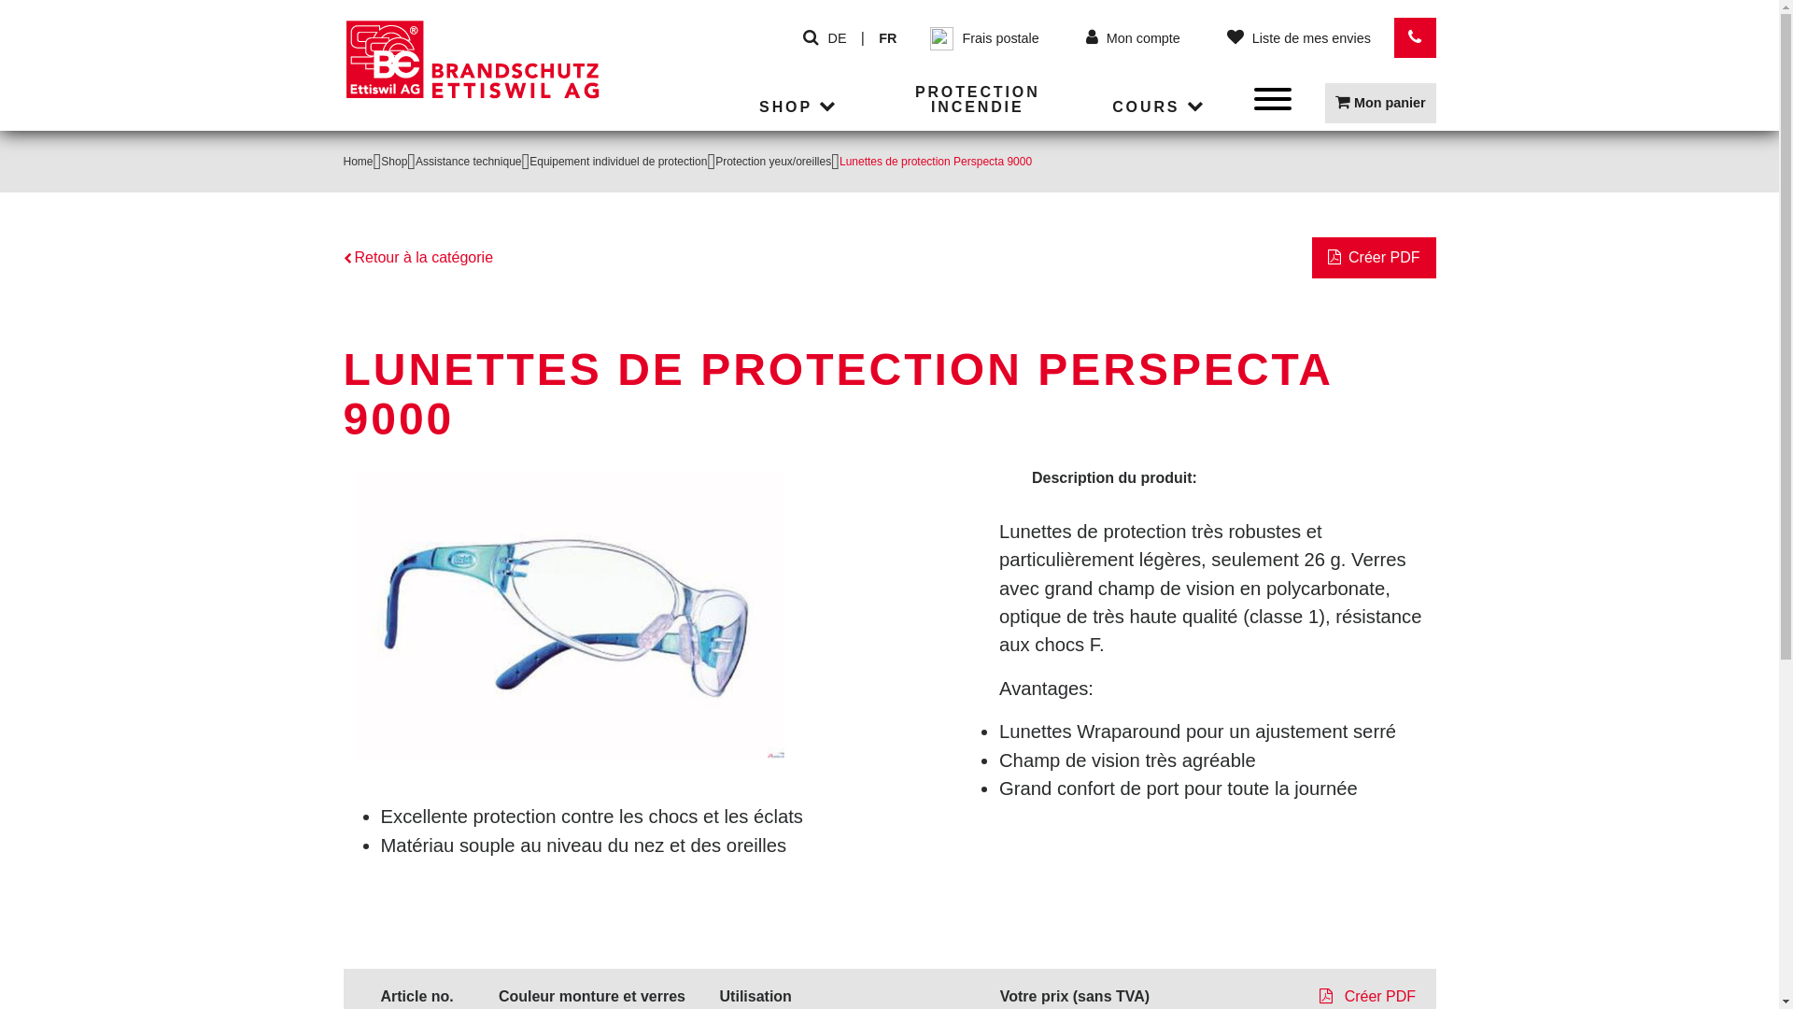  Describe the element at coordinates (393, 161) in the screenshot. I see `'Shop'` at that location.